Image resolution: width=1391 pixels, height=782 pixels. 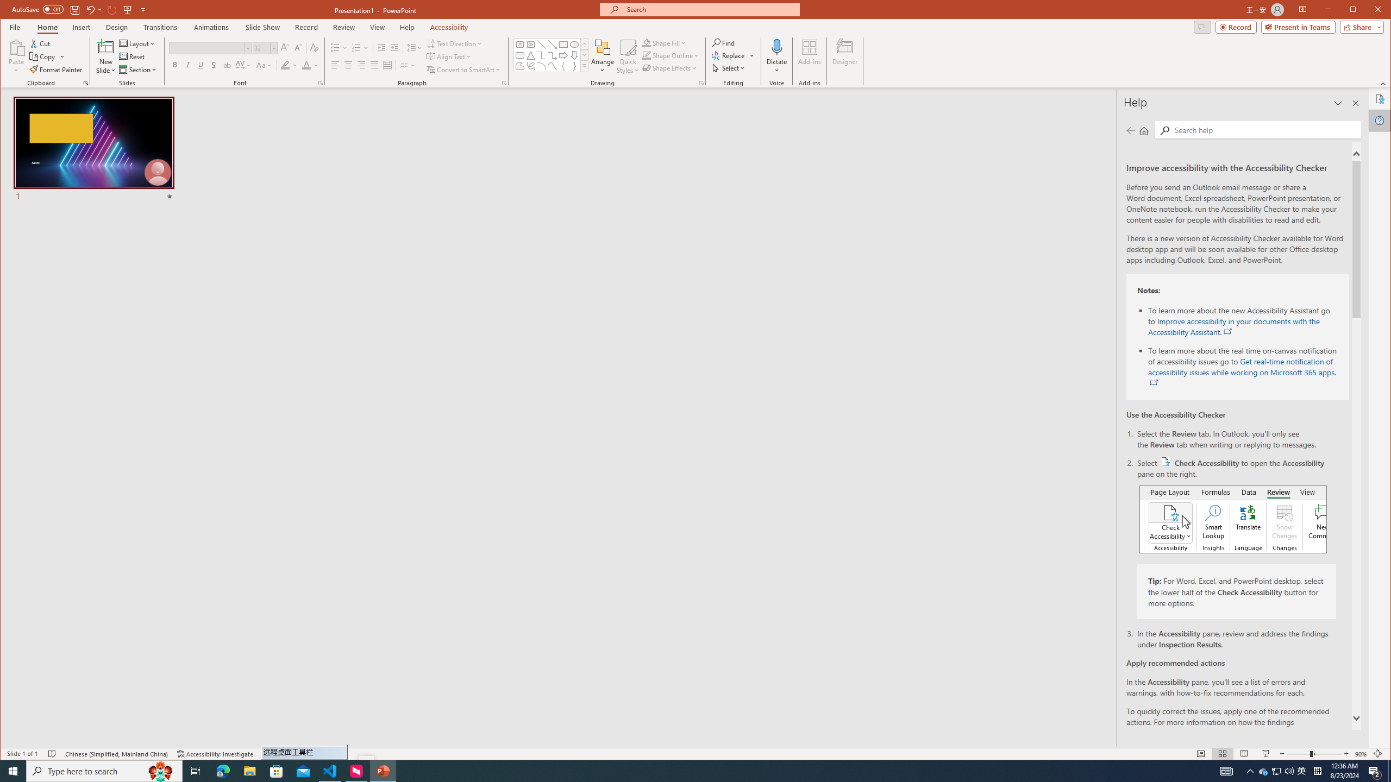 What do you see at coordinates (671, 55) in the screenshot?
I see `'Shape Outline'` at bounding box center [671, 55].